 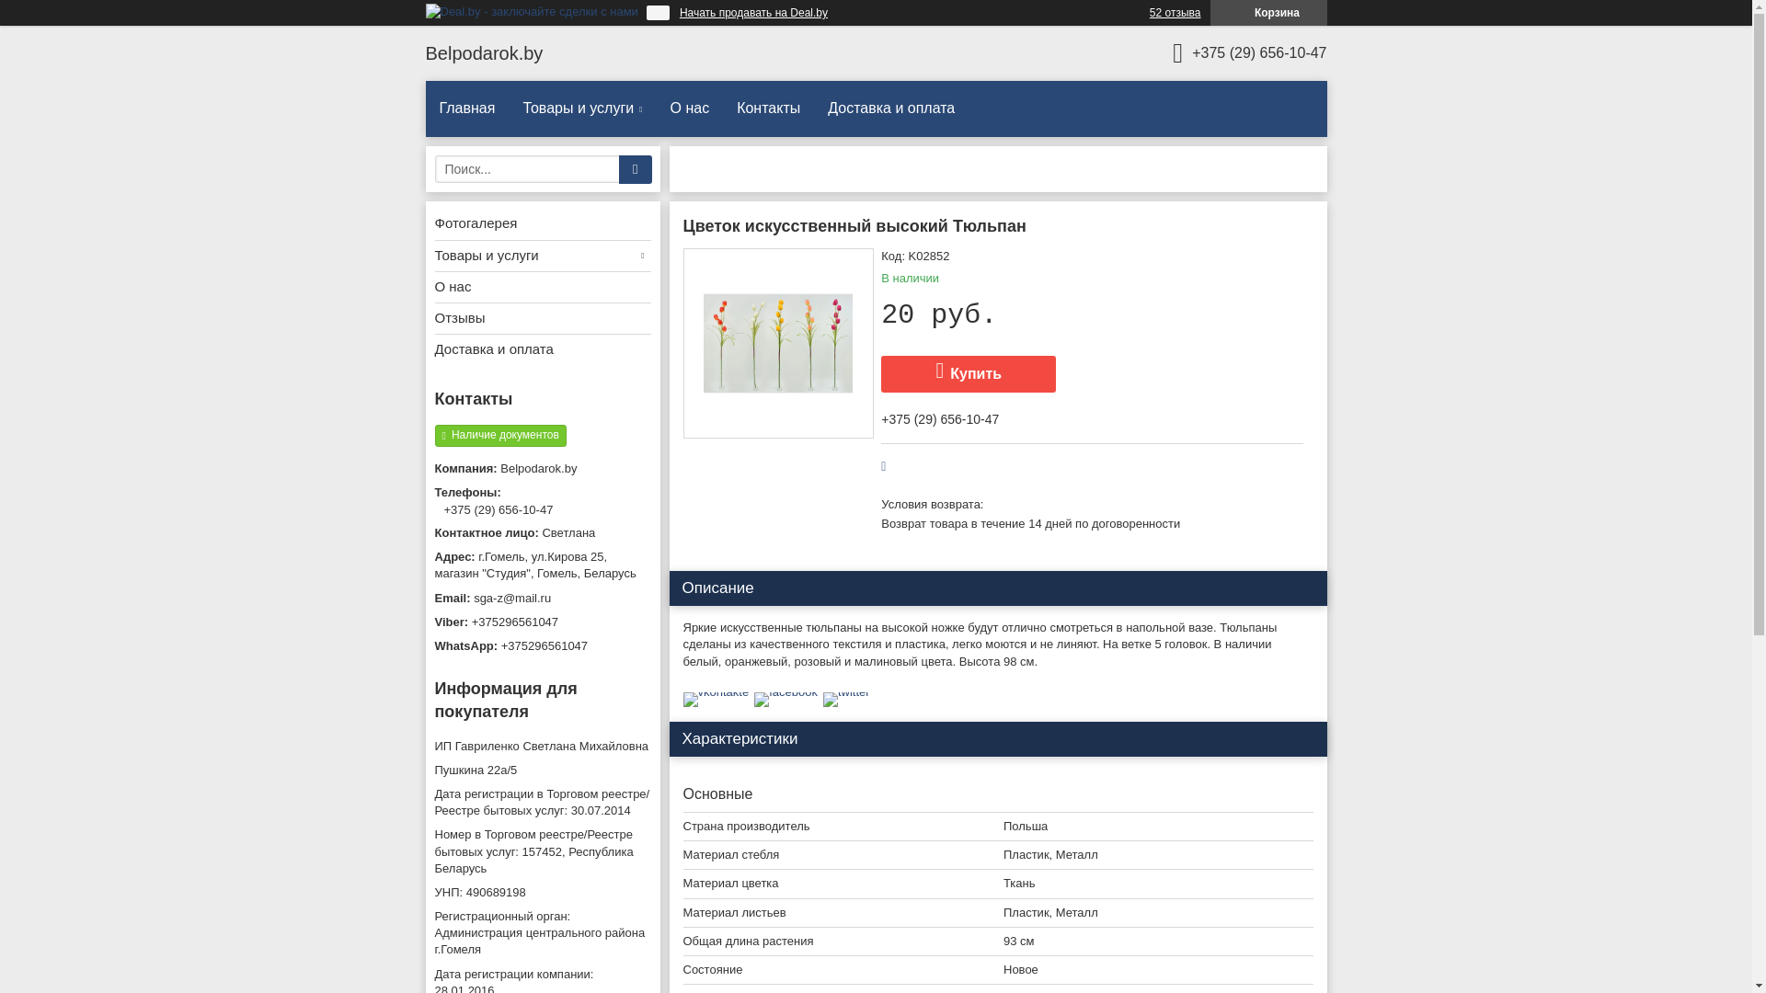 I want to click on 'sga-z@mail.ru', so click(x=541, y=599).